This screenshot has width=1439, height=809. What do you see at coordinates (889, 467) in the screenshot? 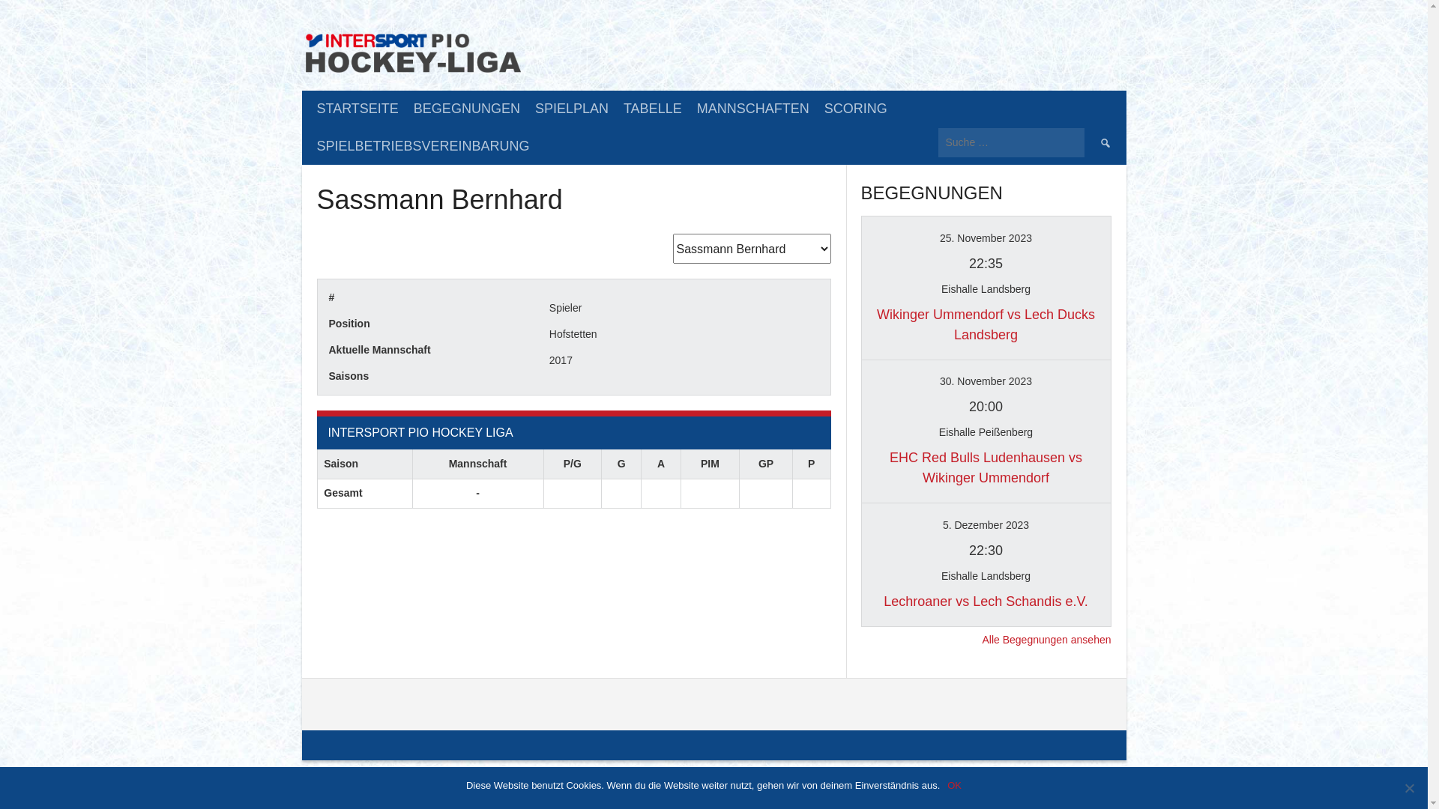
I see `'EHC Red Bulls Ludenhausen vs Wikinger Ummendorf'` at bounding box center [889, 467].